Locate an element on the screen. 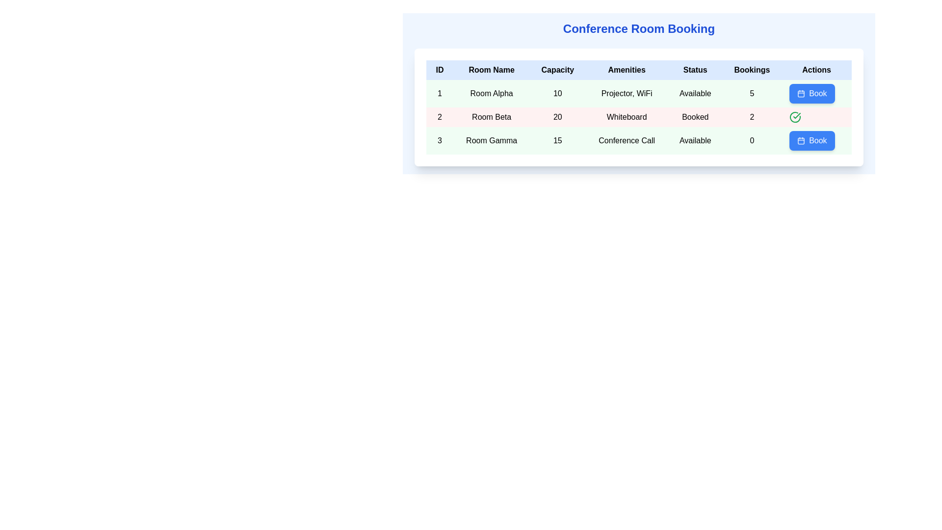 The height and width of the screenshot is (530, 942). the 'Status' label in the header row of the 'Conference Room Booking' table, which is positioned between the 'Amenities' and 'Bookings' columns is located at coordinates (695, 69).